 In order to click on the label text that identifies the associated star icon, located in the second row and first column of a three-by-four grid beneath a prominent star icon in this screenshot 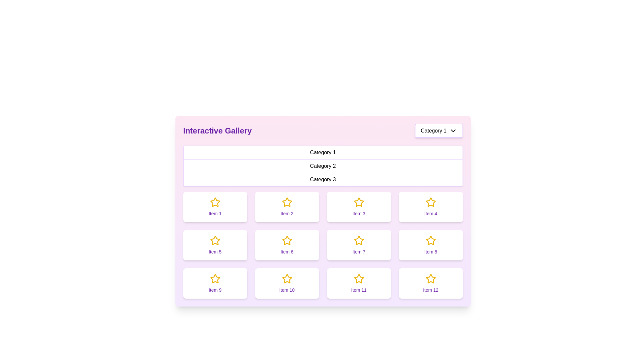, I will do `click(215, 252)`.